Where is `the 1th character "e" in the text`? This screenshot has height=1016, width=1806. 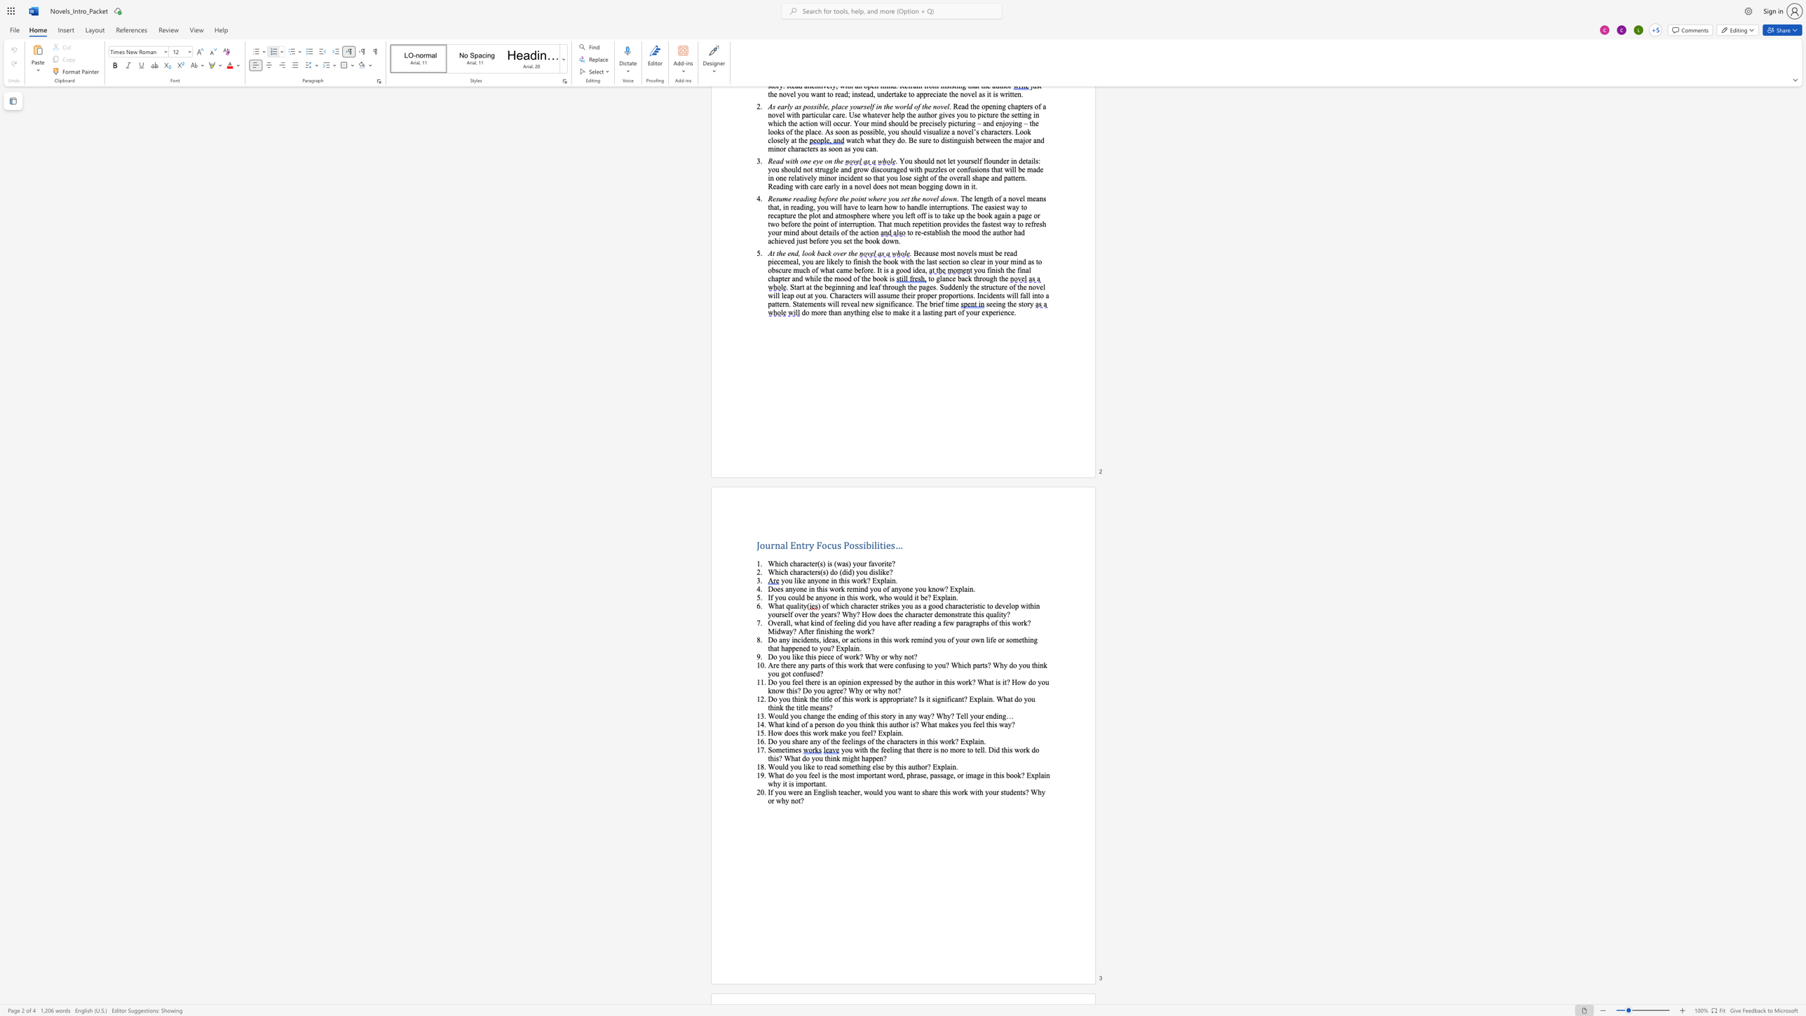 the 1th character "e" in the text is located at coordinates (816, 698).